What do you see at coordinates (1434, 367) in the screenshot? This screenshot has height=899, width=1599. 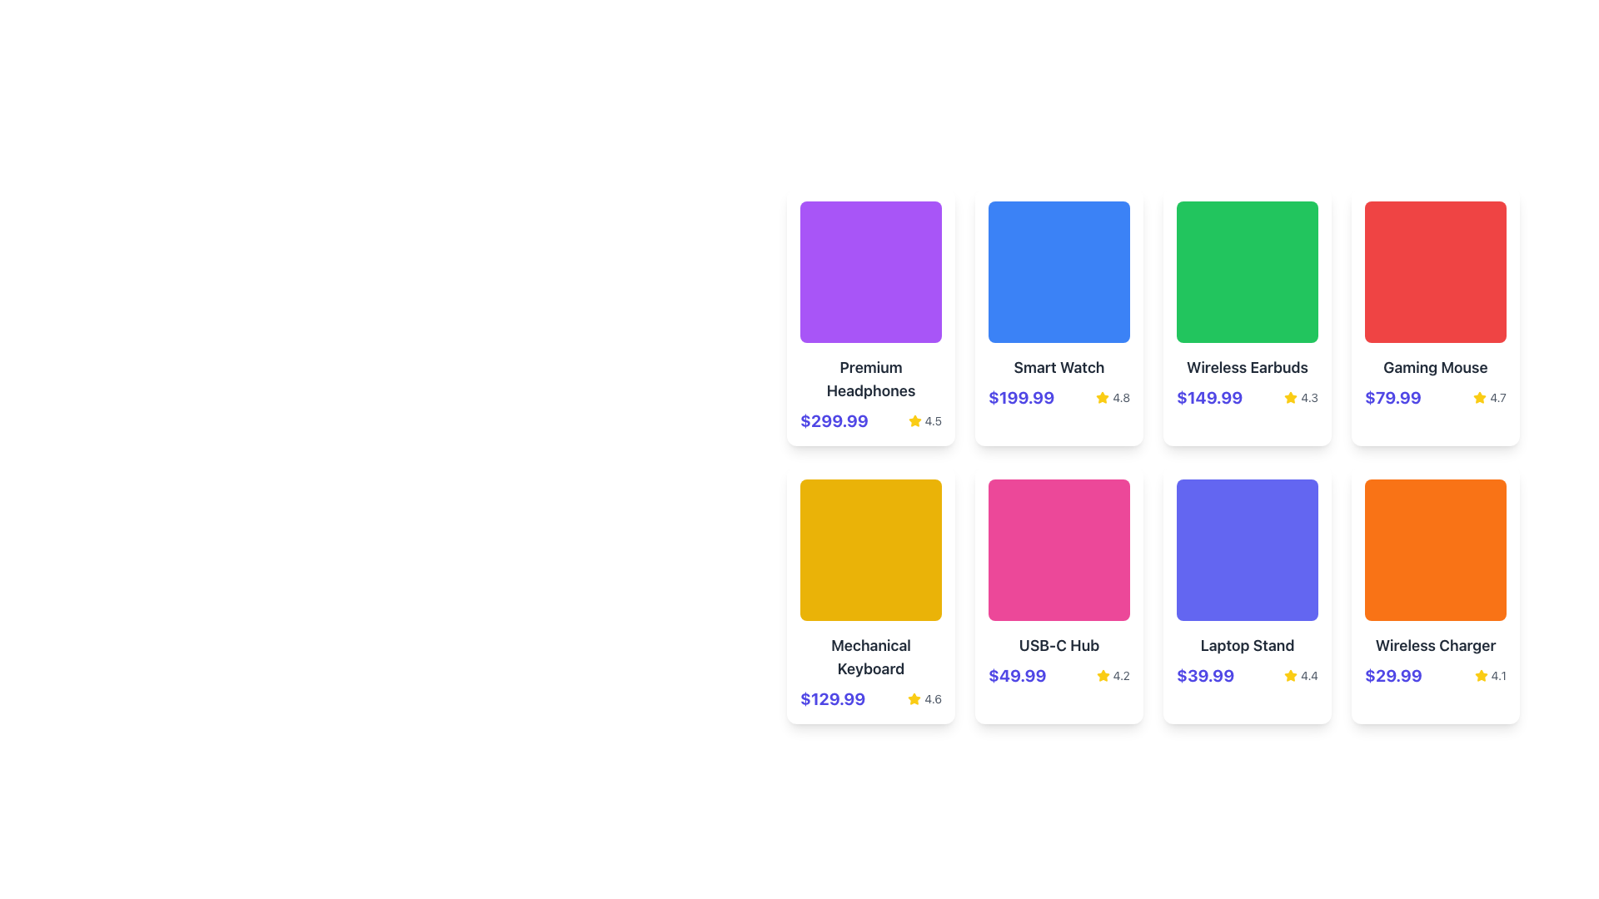 I see `the bold text label displaying 'Gaming Mouse' located in the fourth card of the top row in the grid layout` at bounding box center [1434, 367].